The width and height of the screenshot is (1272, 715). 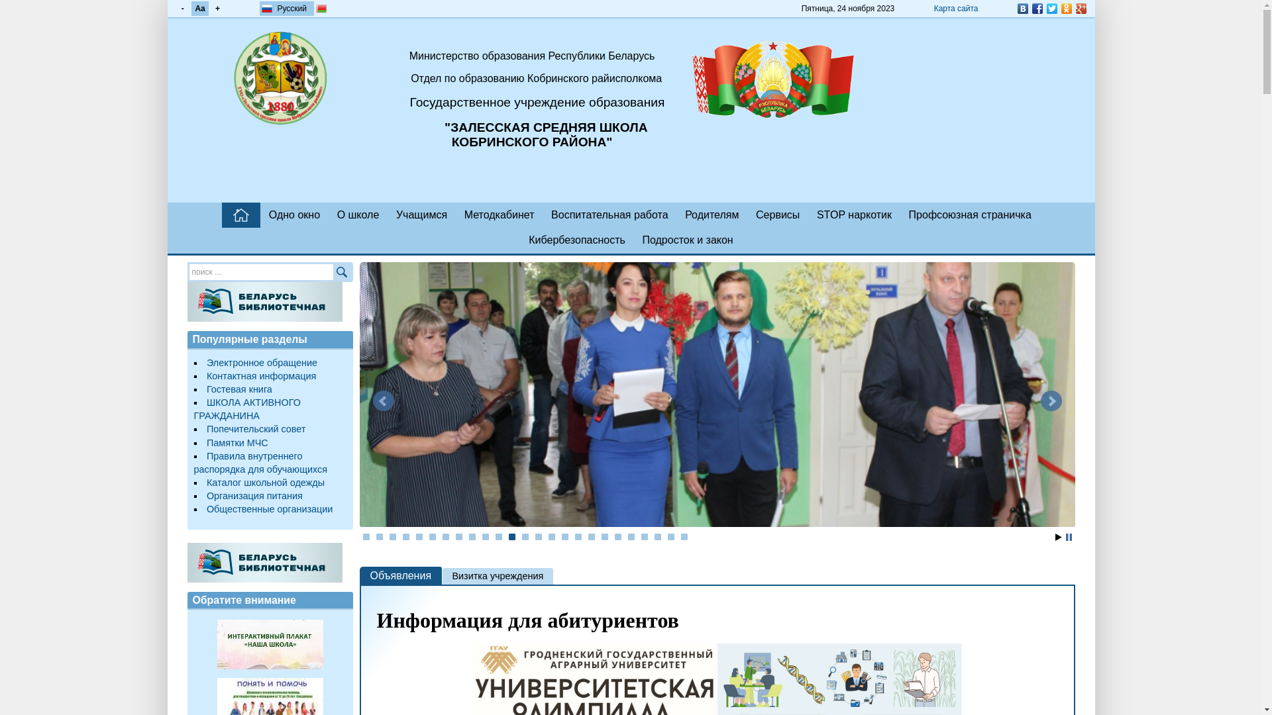 I want to click on '9', so click(x=472, y=536).